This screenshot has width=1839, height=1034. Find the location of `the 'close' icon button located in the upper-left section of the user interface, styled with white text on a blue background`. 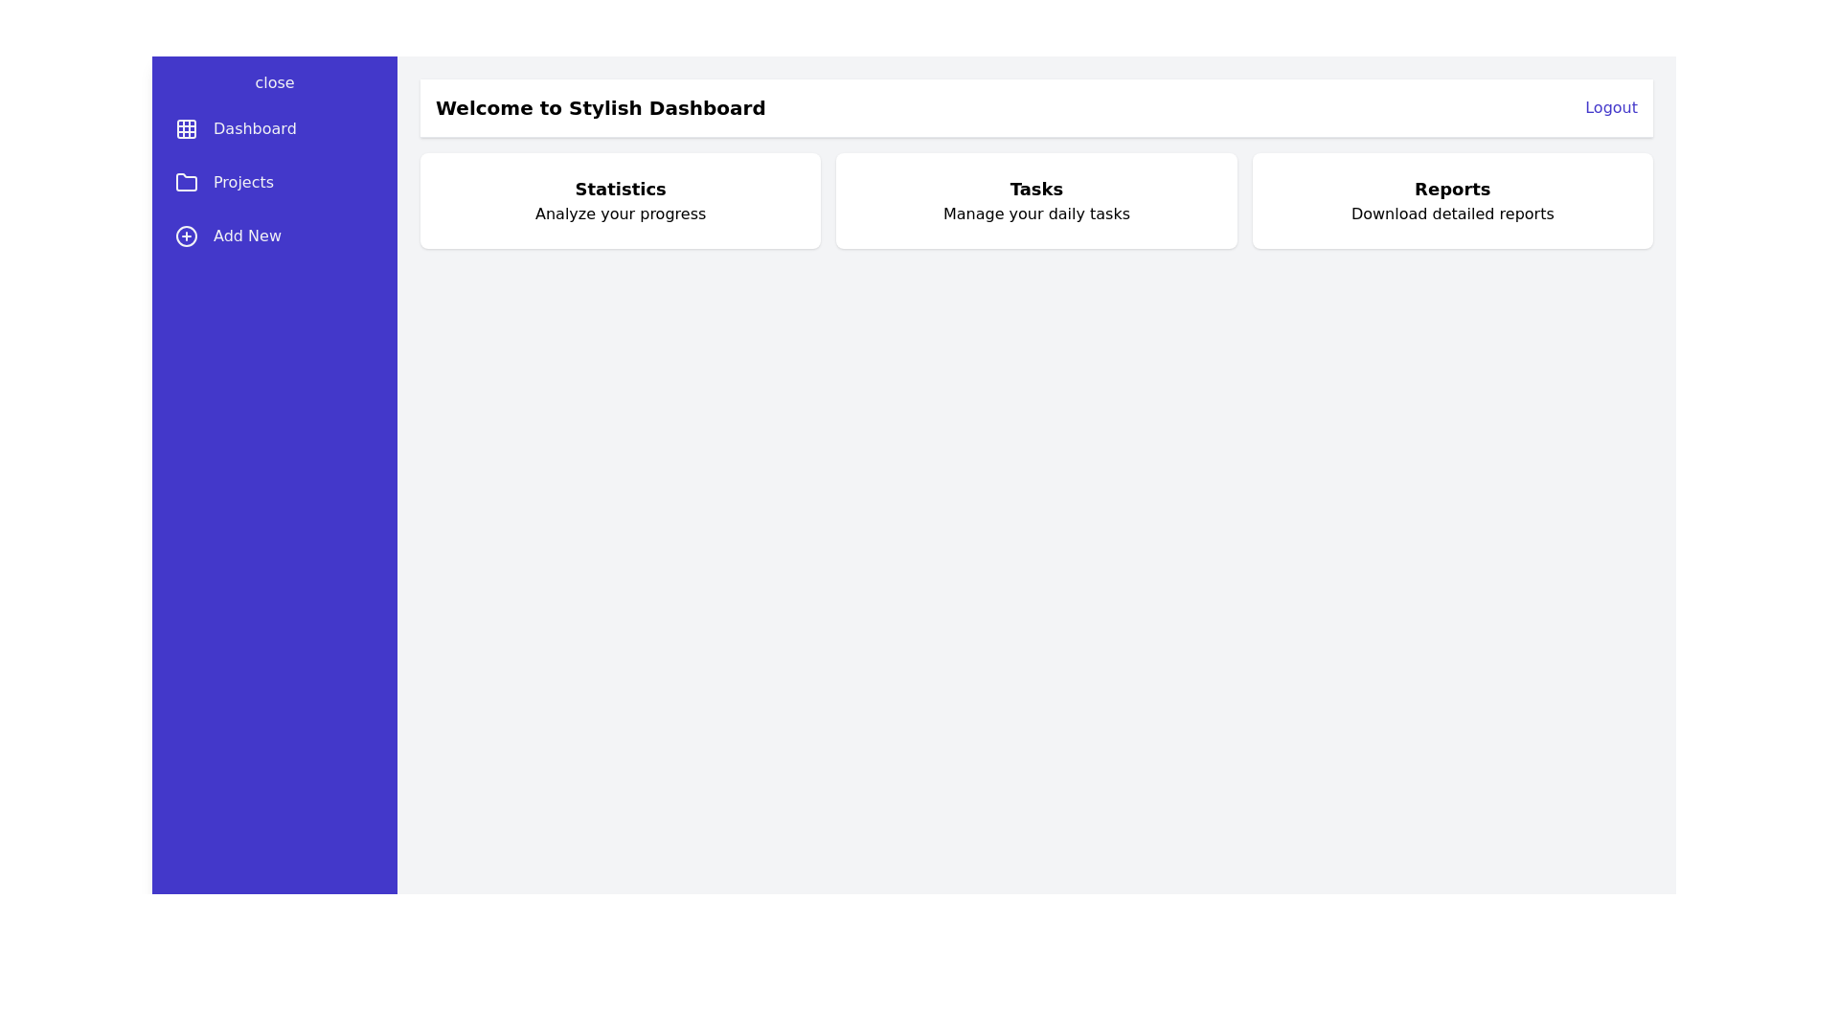

the 'close' icon button located in the upper-left section of the user interface, styled with white text on a blue background is located at coordinates (274, 80).